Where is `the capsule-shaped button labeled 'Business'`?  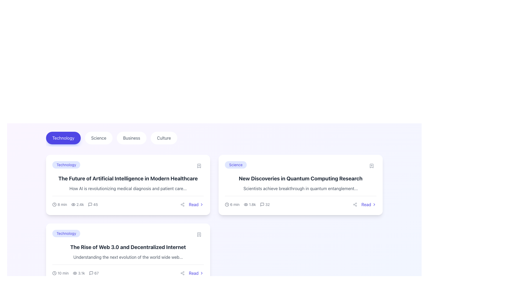 the capsule-shaped button labeled 'Business' is located at coordinates (132, 138).